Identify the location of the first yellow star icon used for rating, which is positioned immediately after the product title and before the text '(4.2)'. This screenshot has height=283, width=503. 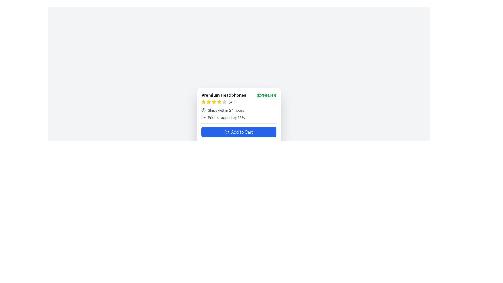
(203, 102).